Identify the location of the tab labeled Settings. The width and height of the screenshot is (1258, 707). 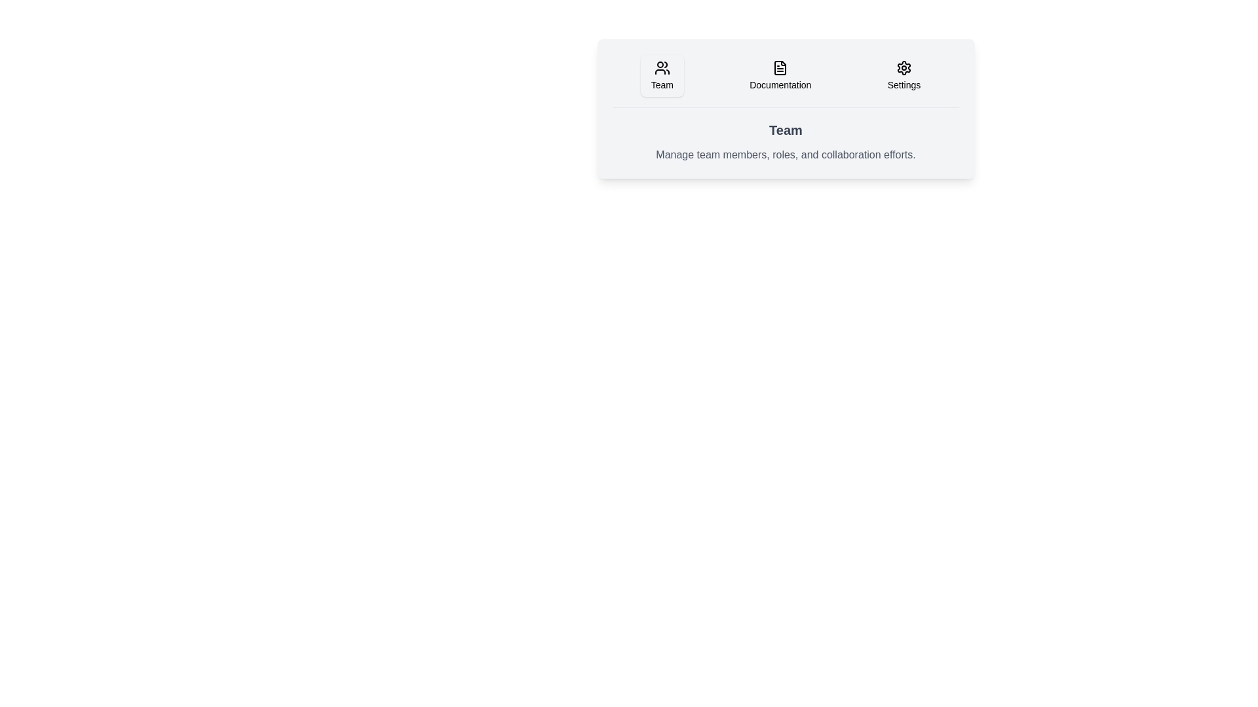
(904, 75).